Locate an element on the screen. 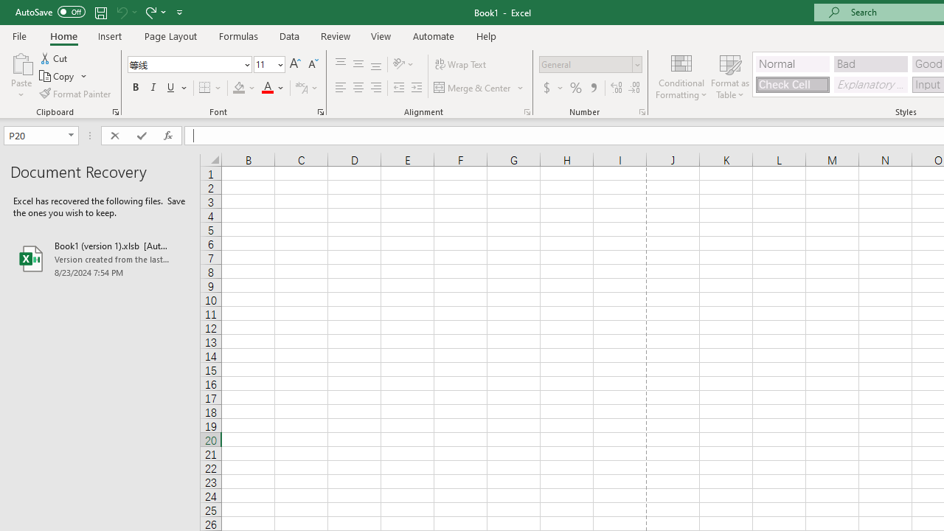 The width and height of the screenshot is (944, 531). 'Format Cell Font' is located at coordinates (320, 111).